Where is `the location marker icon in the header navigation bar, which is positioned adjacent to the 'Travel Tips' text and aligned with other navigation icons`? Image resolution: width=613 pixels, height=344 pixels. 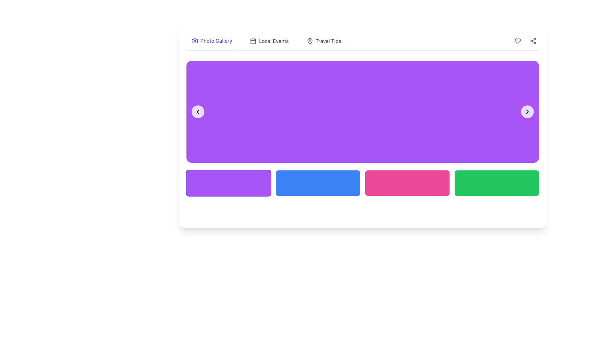
the location marker icon in the header navigation bar, which is positioned adjacent to the 'Travel Tips' text and aligned with other navigation icons is located at coordinates (310, 41).